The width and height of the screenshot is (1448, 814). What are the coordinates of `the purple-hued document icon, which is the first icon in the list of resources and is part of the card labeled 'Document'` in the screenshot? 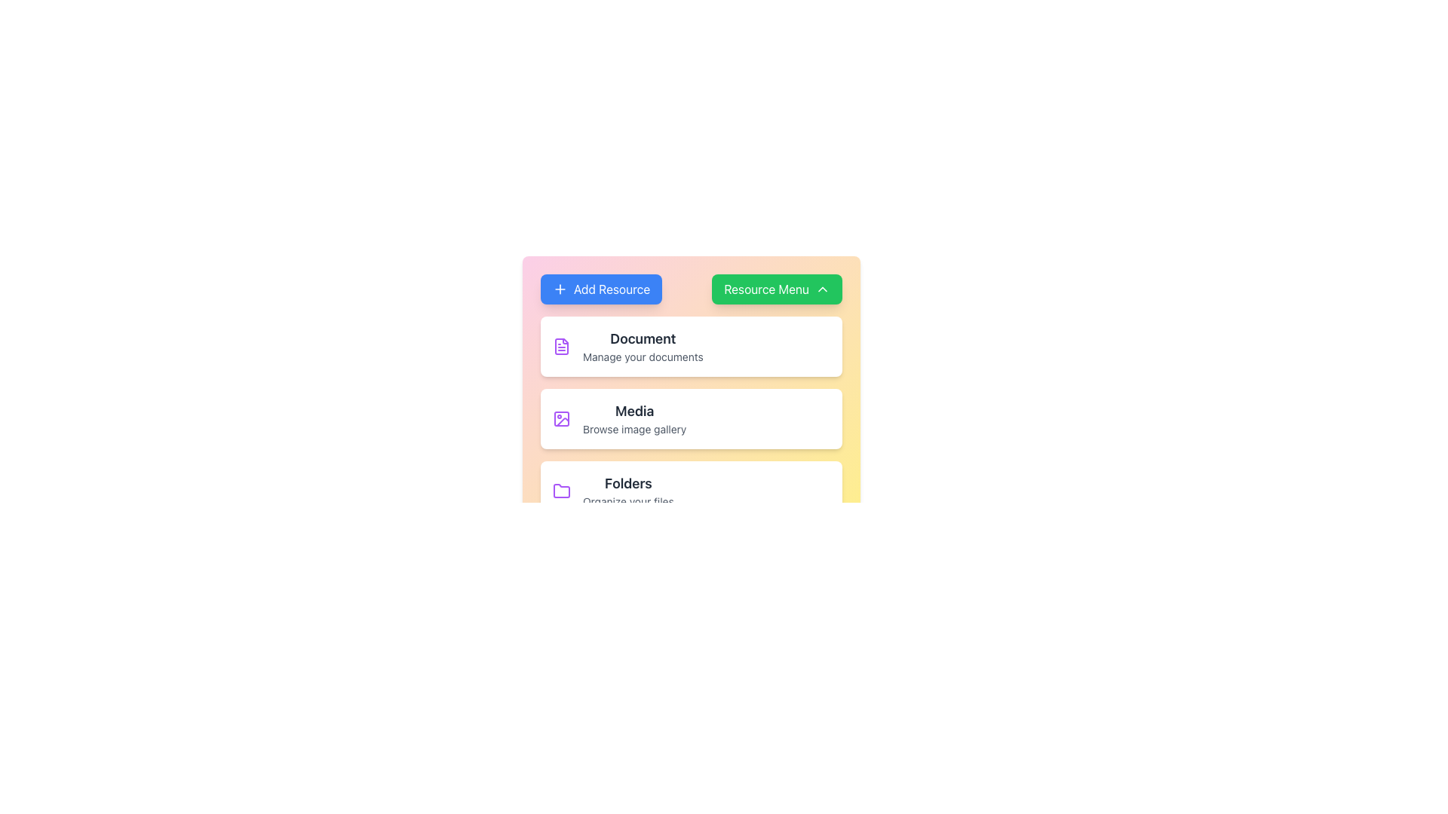 It's located at (560, 346).